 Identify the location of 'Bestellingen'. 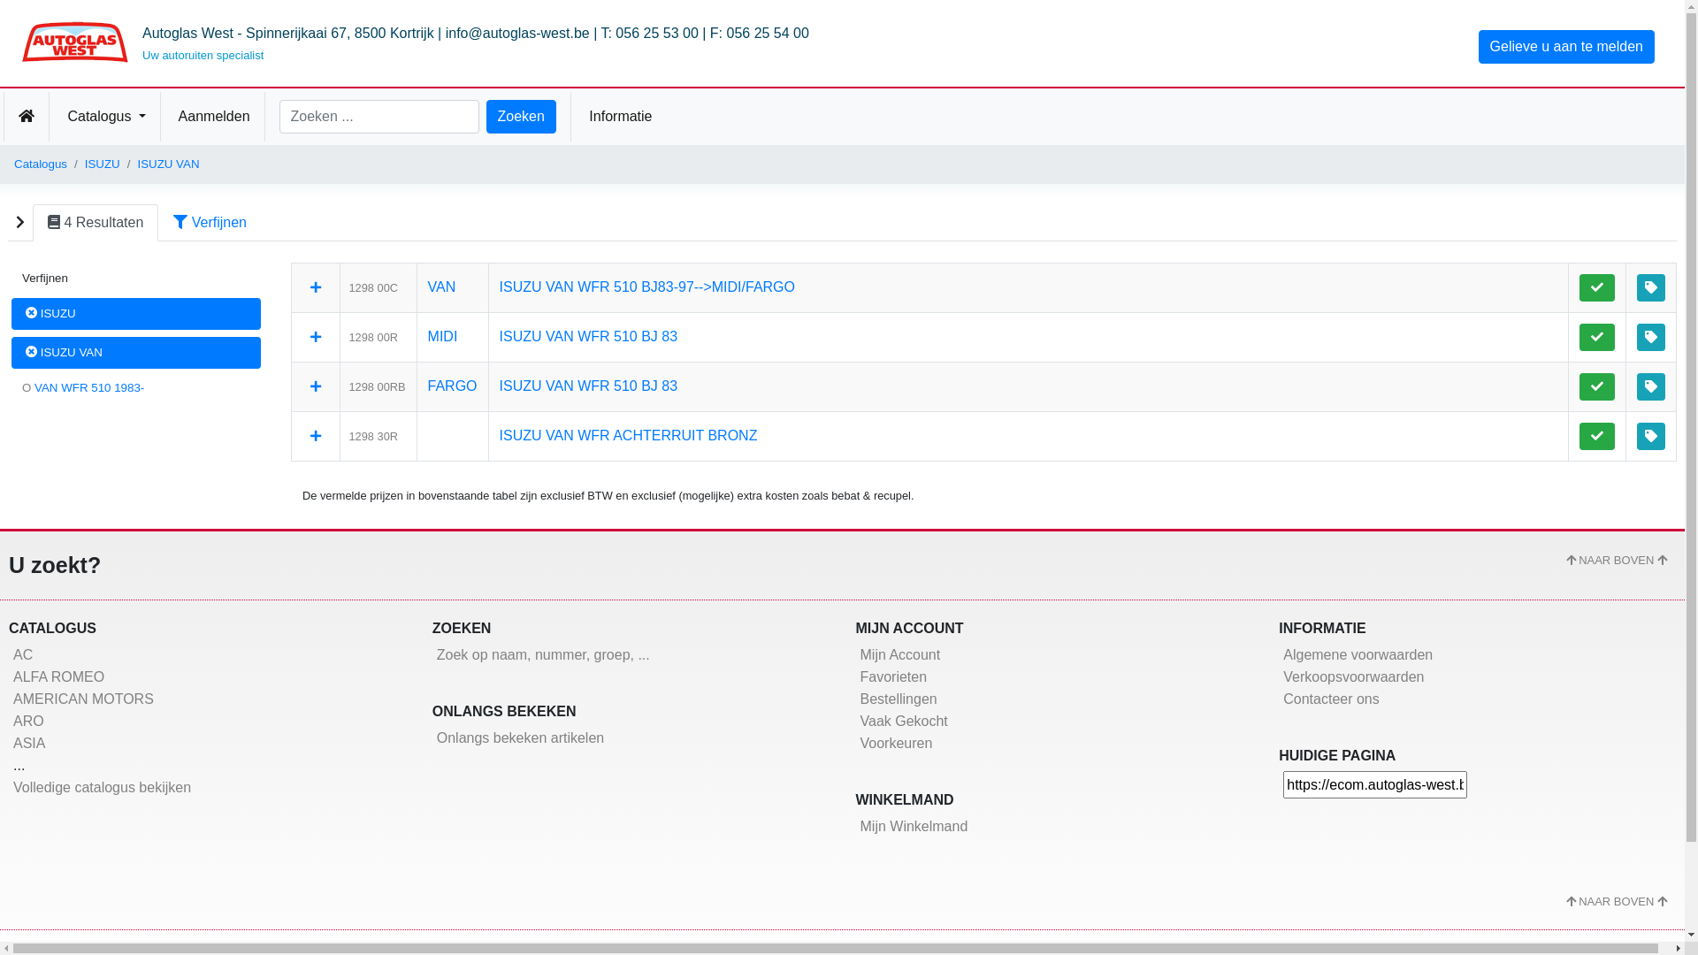
(898, 698).